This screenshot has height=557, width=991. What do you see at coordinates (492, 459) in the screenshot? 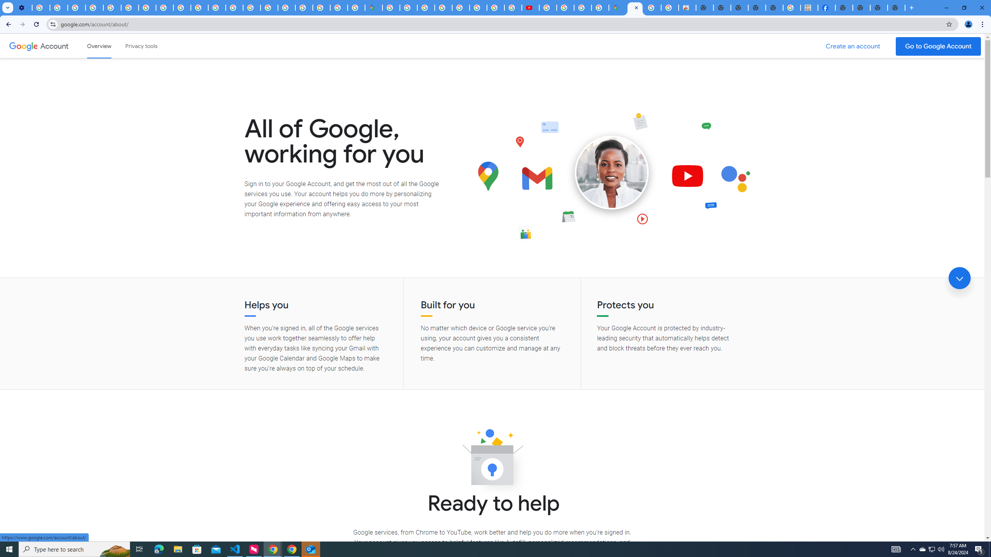
I see `'Ready to help'` at bounding box center [492, 459].